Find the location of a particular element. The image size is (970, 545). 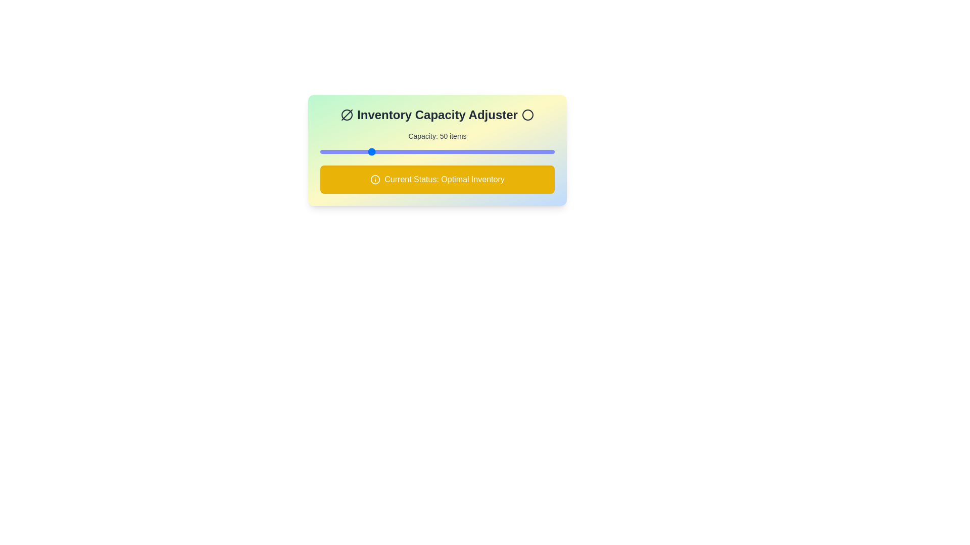

the inventory capacity slider to 93 items is located at coordinates (422, 151).